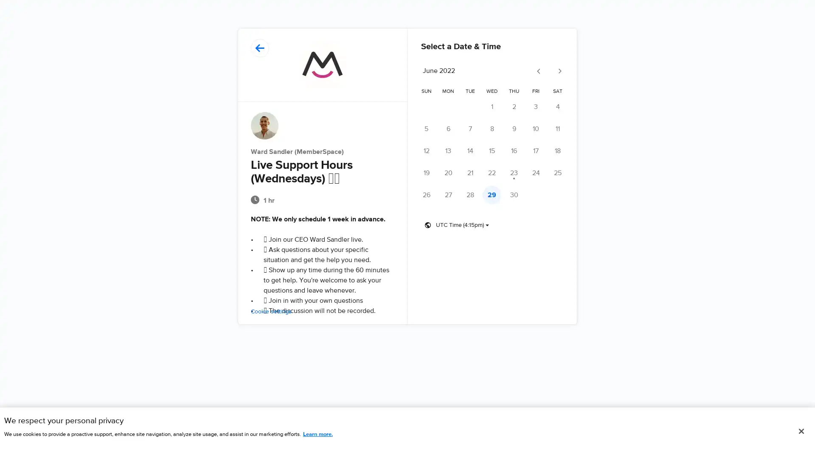 This screenshot has width=815, height=458. I want to click on Wednesday, June 22 - No times available, so click(492, 173).